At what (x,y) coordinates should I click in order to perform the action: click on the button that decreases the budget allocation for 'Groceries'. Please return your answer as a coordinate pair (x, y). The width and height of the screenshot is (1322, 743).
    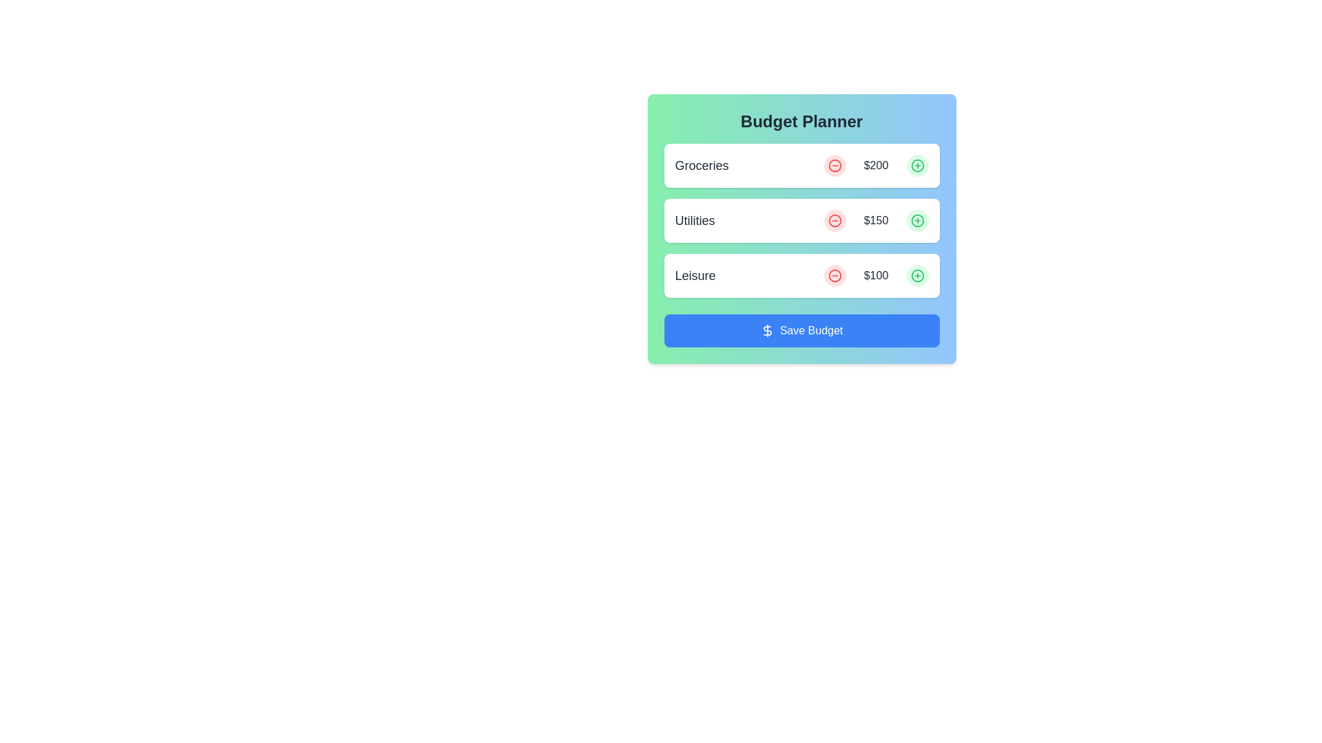
    Looking at the image, I should click on (834, 164).